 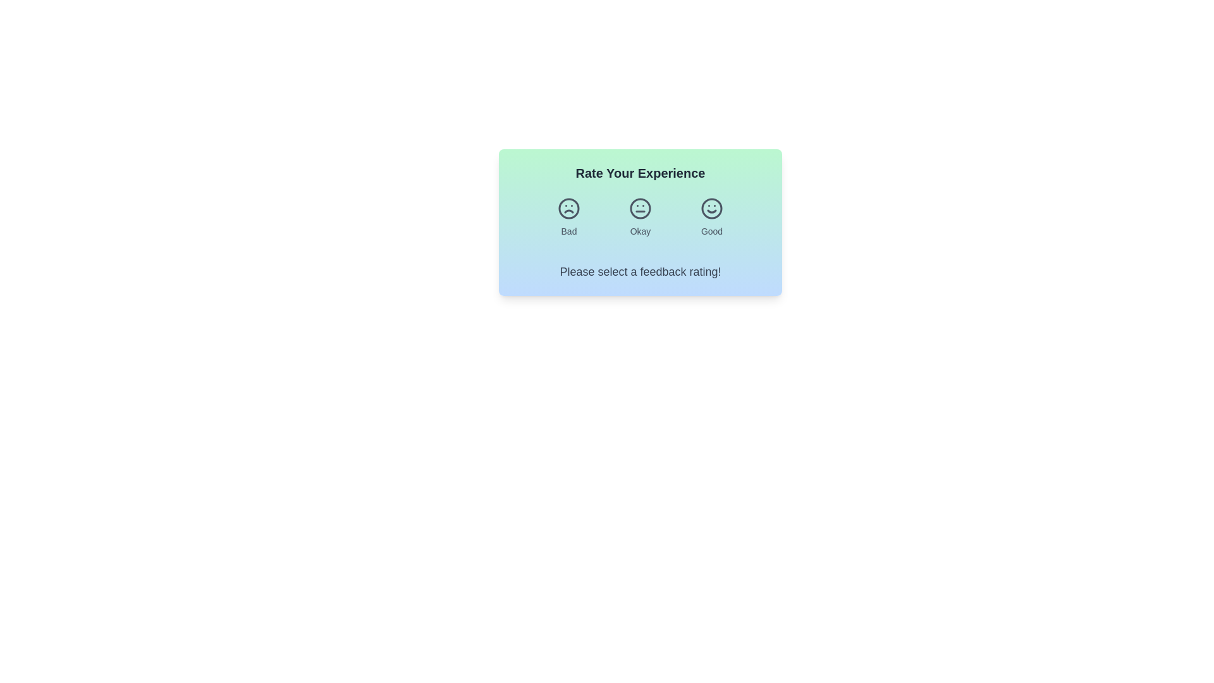 What do you see at coordinates (568, 216) in the screenshot?
I see `the feedback button labeled Bad` at bounding box center [568, 216].